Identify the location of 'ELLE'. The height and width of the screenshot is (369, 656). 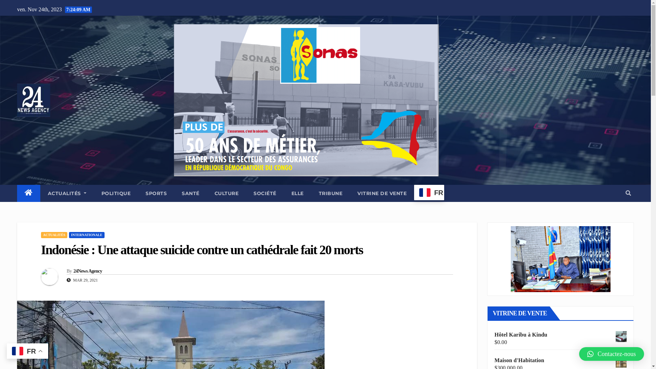
(284, 193).